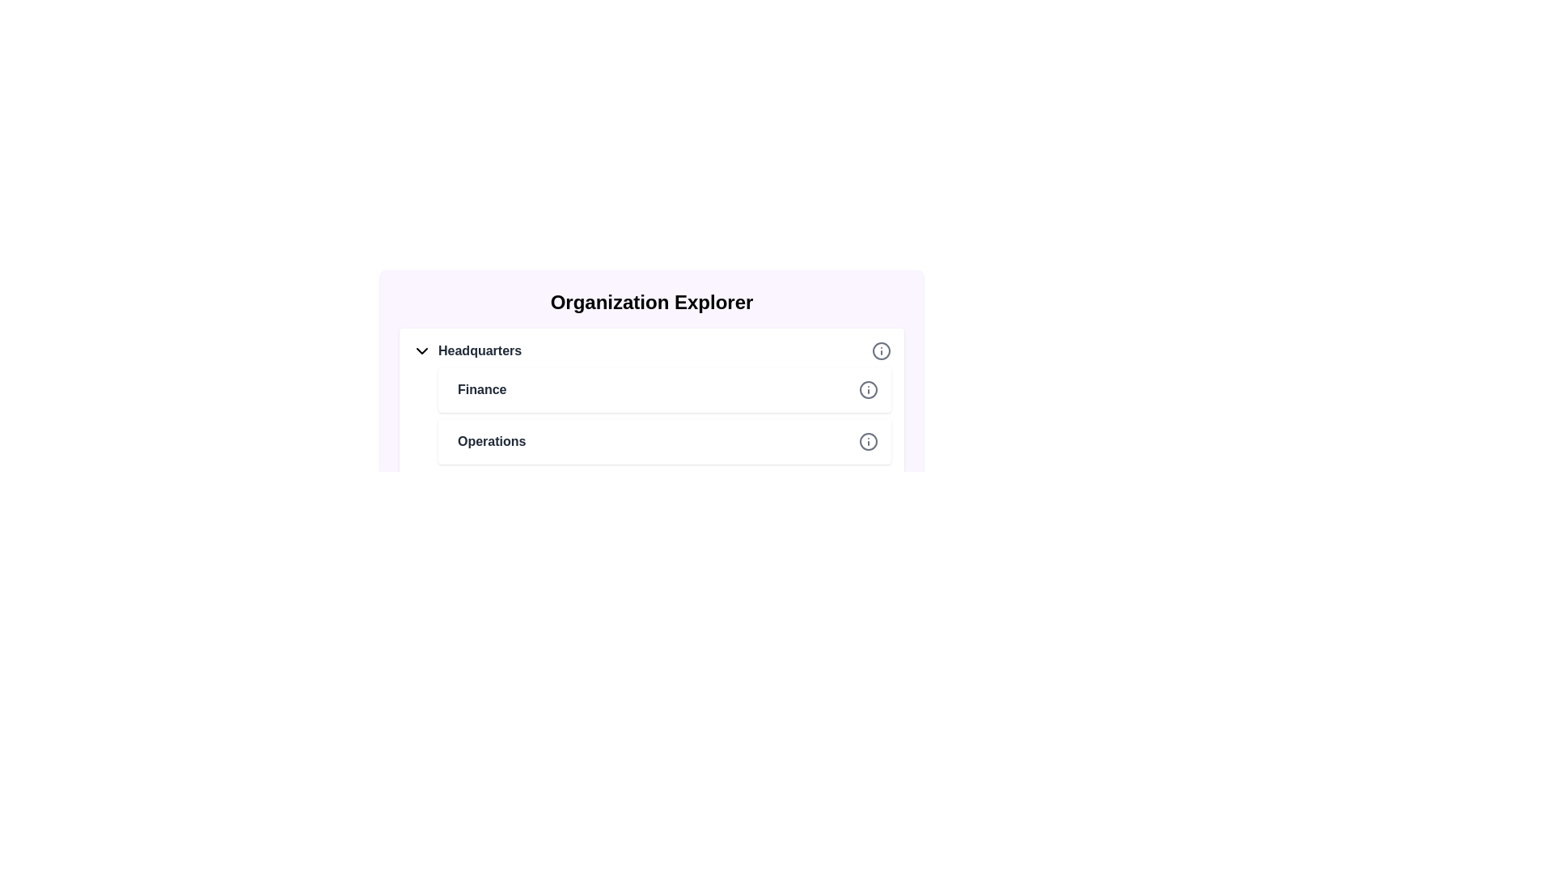 This screenshot has width=1553, height=874. I want to click on the information icon styled in gray, located in the rightmost part of the 'Finance' entry in the 'Organization Explorer' section, so click(868, 390).